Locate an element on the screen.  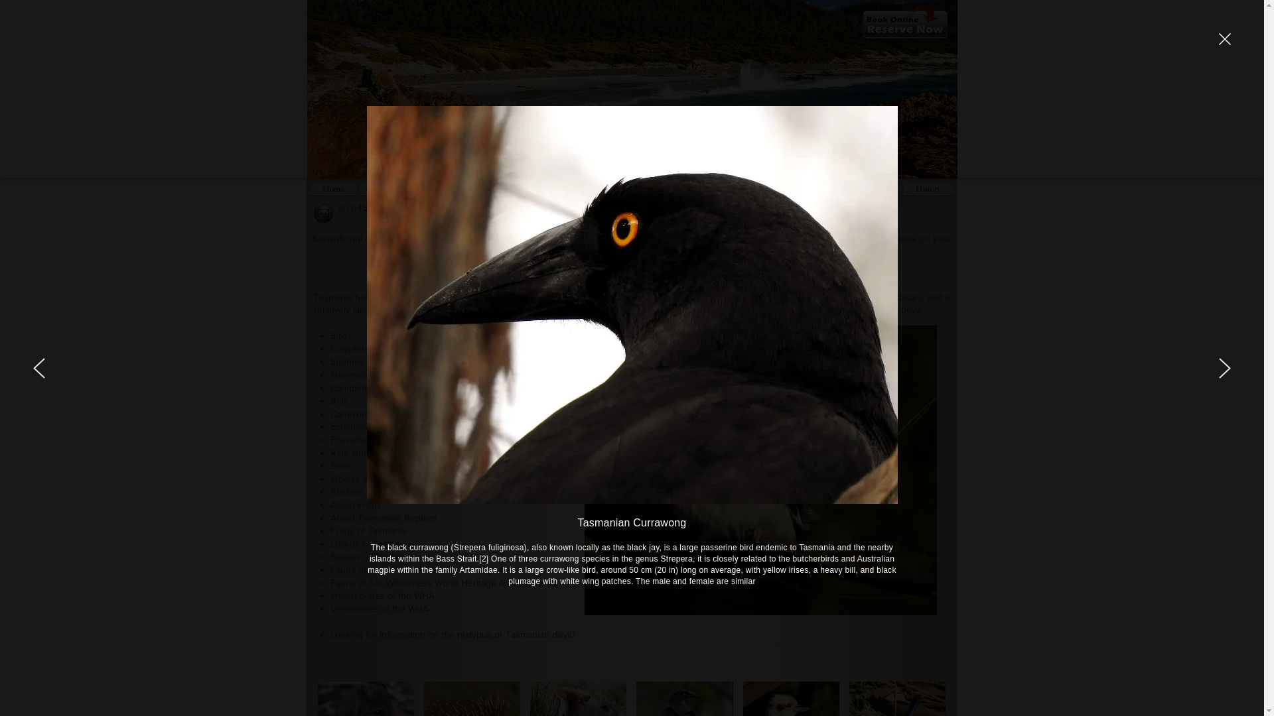
'Tasmanian devil' is located at coordinates (538, 633).